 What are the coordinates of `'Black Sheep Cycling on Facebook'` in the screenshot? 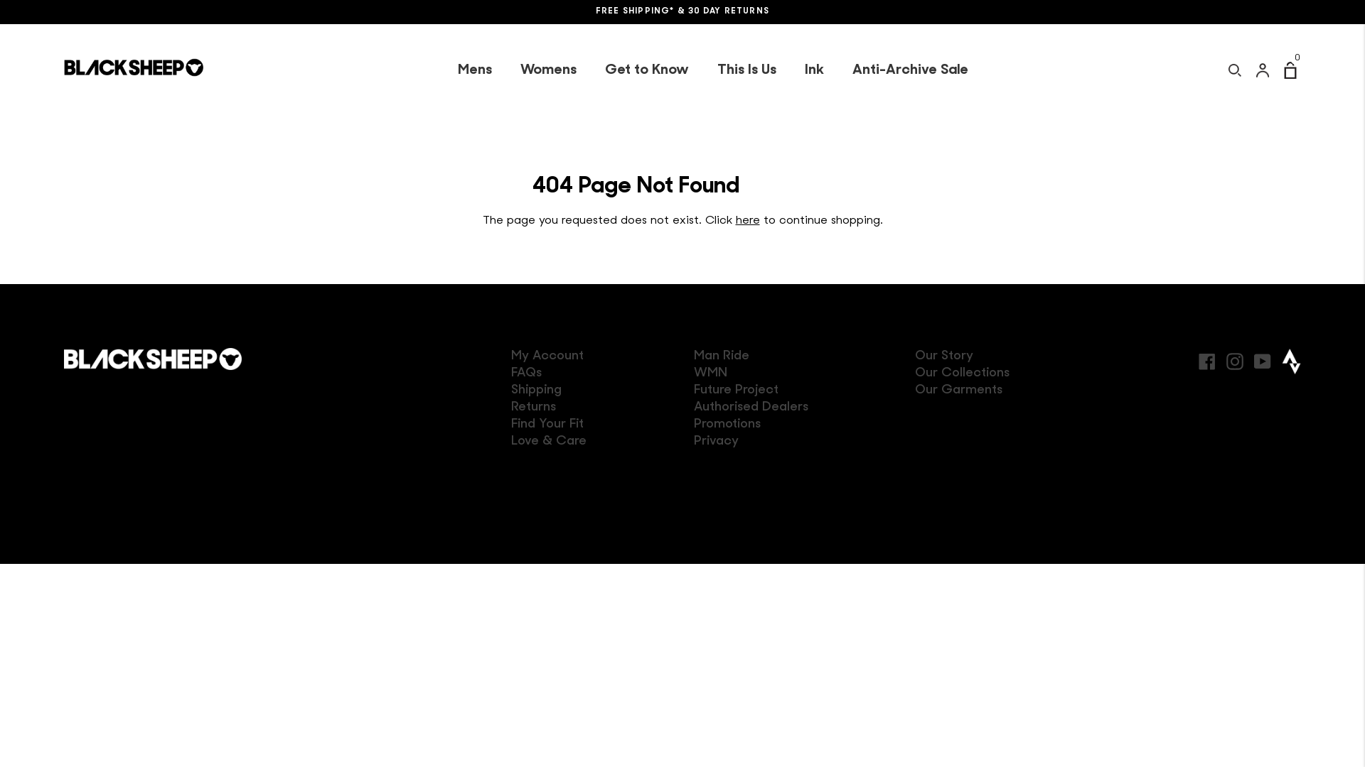 It's located at (1206, 359).